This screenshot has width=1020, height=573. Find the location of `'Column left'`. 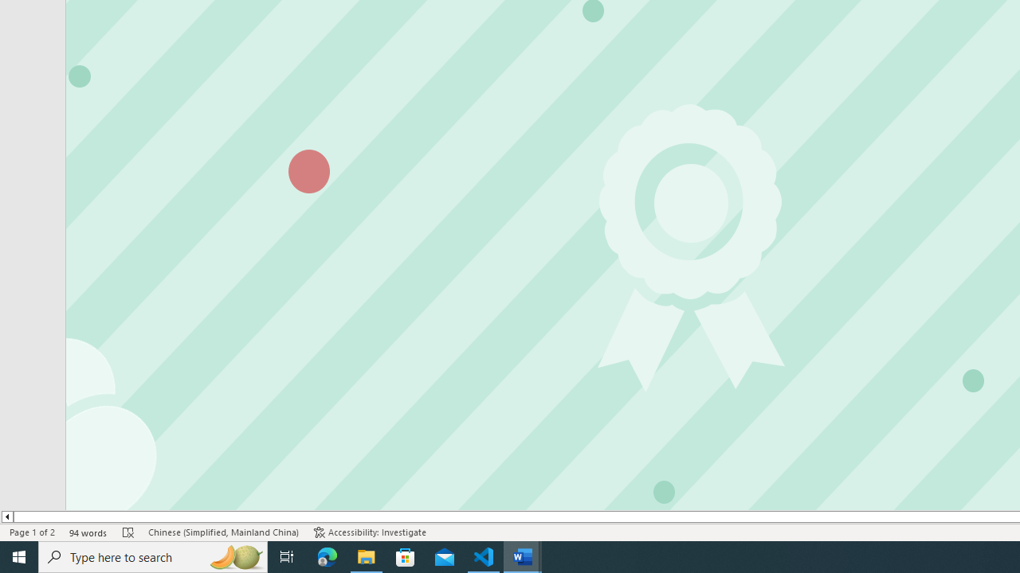

'Column left' is located at coordinates (6, 516).